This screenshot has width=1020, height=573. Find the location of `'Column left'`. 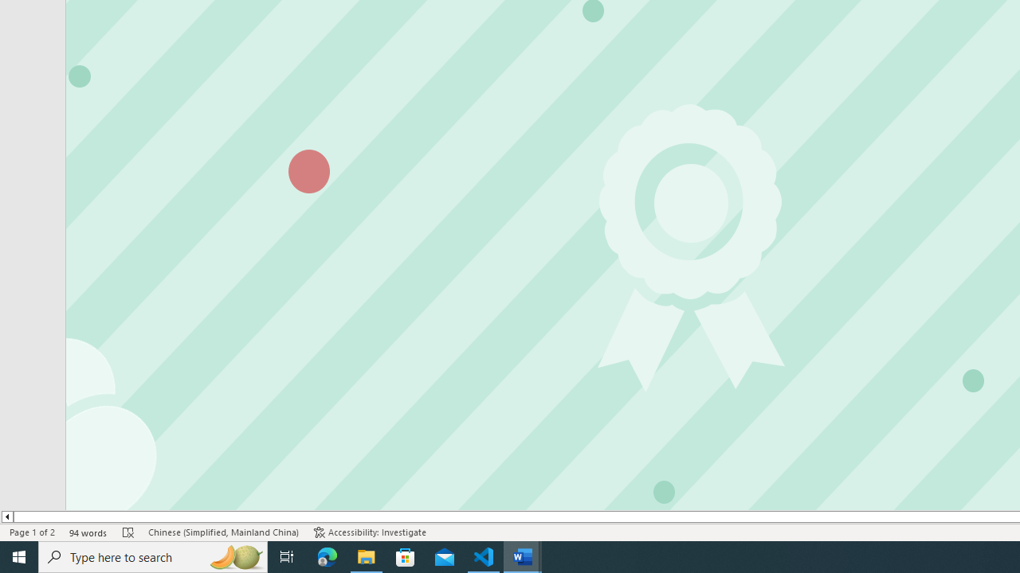

'Column left' is located at coordinates (6, 516).